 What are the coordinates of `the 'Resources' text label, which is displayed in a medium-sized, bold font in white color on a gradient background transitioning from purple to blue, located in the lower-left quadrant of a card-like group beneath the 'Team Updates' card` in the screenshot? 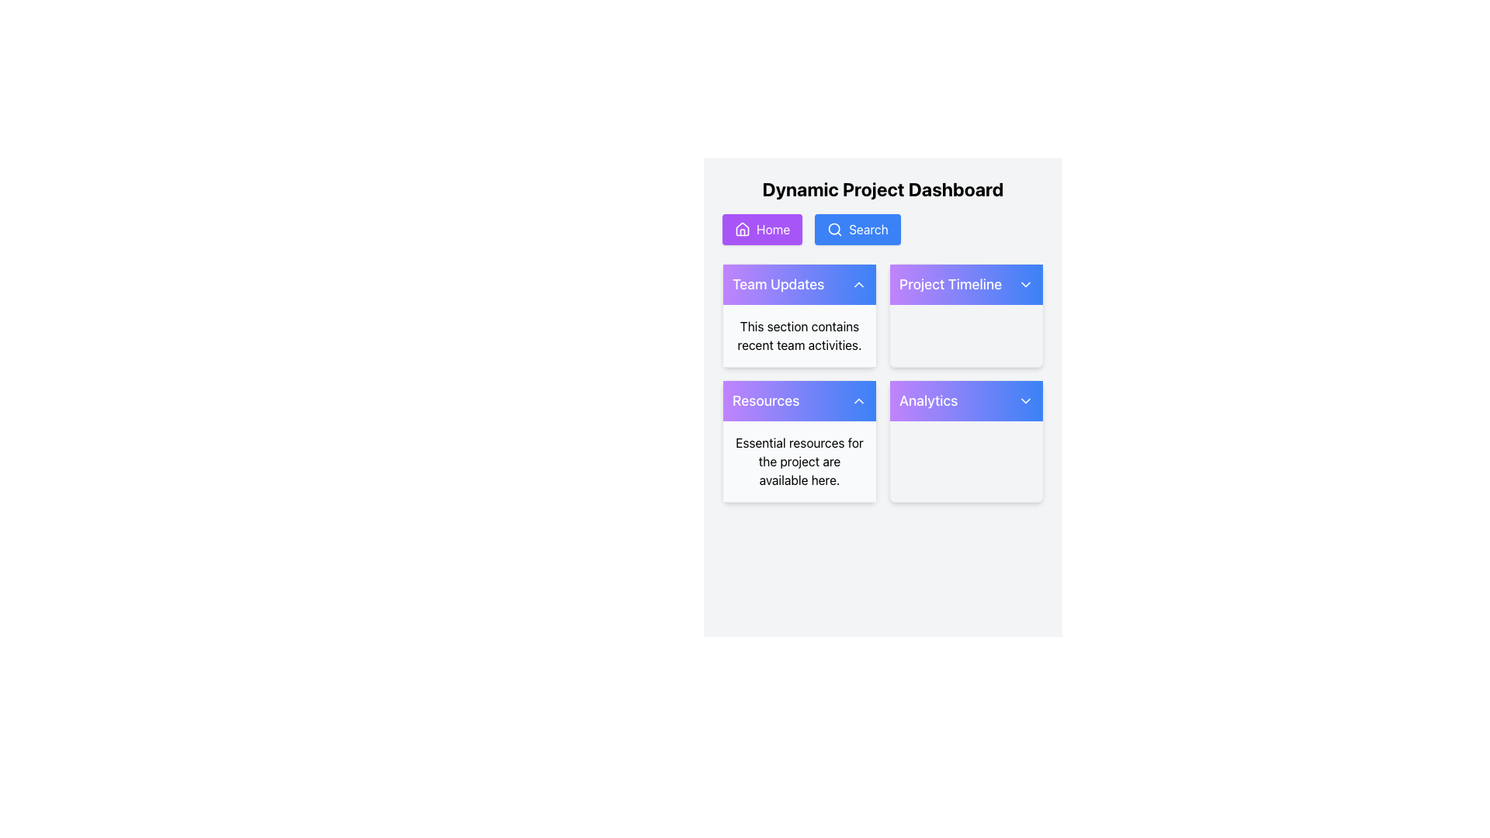 It's located at (766, 400).